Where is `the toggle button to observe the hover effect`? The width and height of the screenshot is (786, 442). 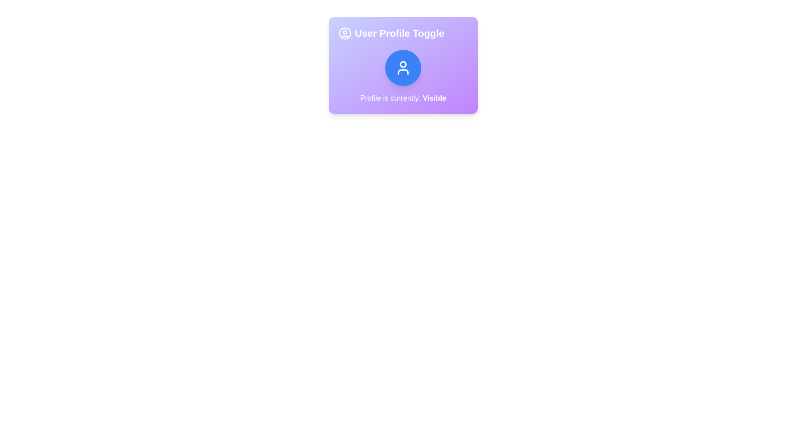 the toggle button to observe the hover effect is located at coordinates (403, 67).